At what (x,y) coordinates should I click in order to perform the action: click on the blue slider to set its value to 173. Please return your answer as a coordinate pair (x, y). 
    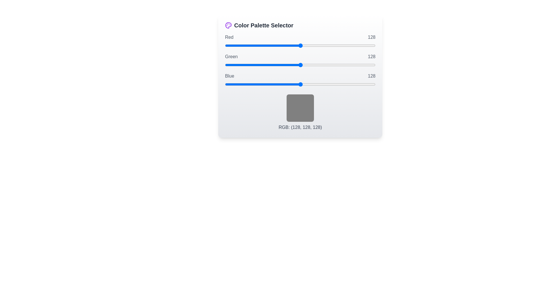
    Looking at the image, I should click on (327, 84).